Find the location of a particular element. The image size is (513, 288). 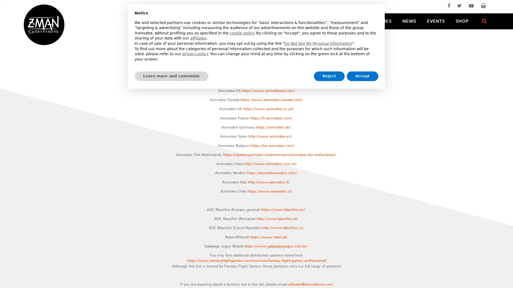

Accept is located at coordinates (363, 76).